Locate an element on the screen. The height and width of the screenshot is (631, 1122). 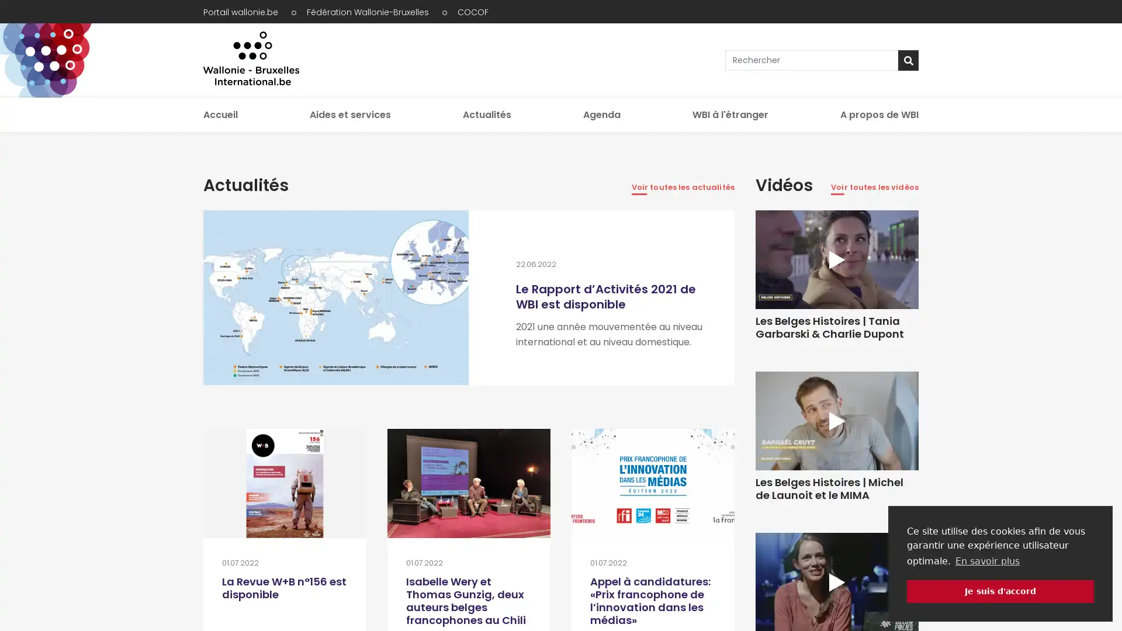
learn more about cookies is located at coordinates (986, 560).